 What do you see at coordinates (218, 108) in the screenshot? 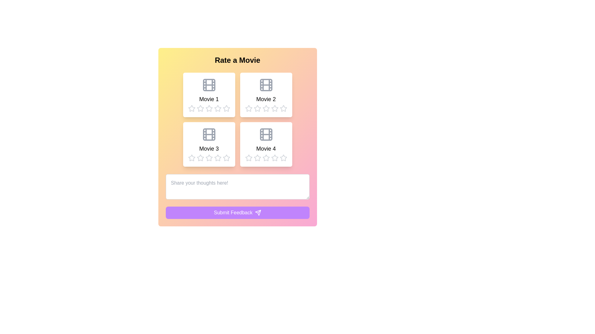
I see `the second star icon in the row of stars under the 'Movie 1' label to set a two-star rating` at bounding box center [218, 108].